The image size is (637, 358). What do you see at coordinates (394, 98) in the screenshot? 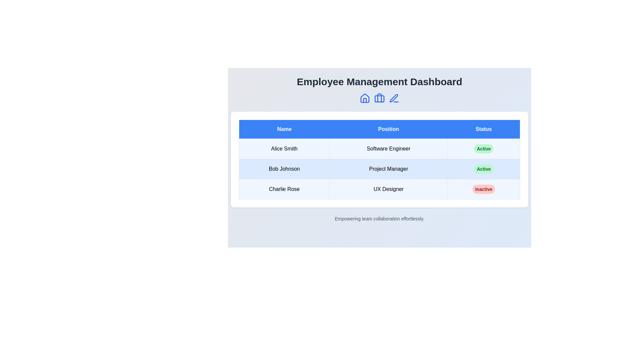
I see `the pen icon in the top menu of the Employee Management Dashboard` at bounding box center [394, 98].